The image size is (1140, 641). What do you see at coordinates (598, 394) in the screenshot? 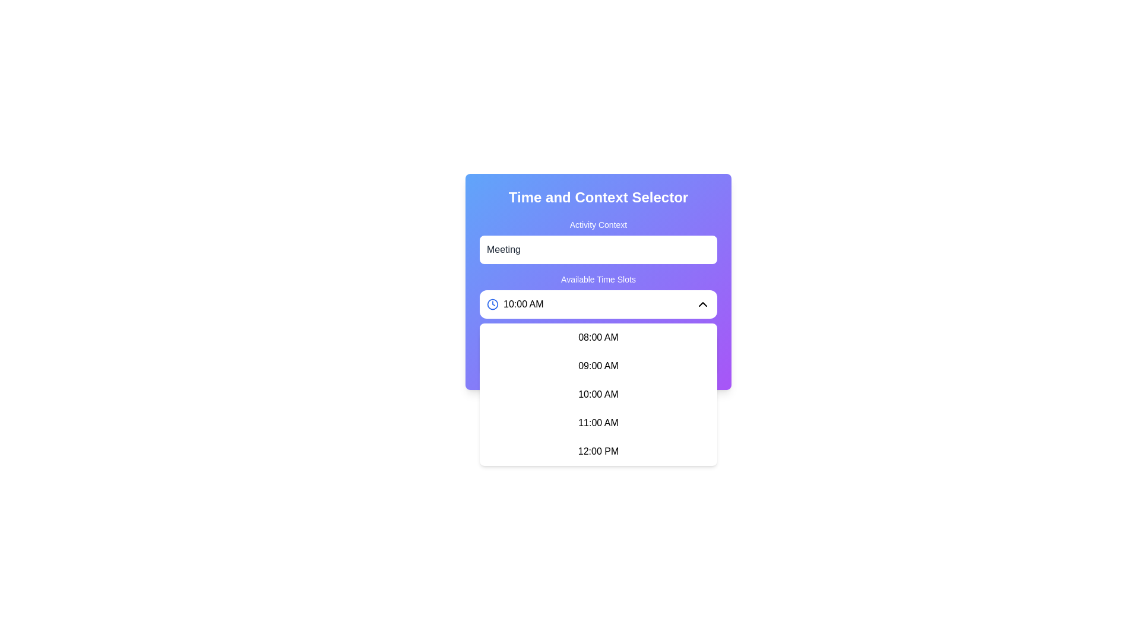
I see `the dropdown menu for selecting time slots located below the 'Available Time Slots' label, currently showing '10:00 AM'` at bounding box center [598, 394].